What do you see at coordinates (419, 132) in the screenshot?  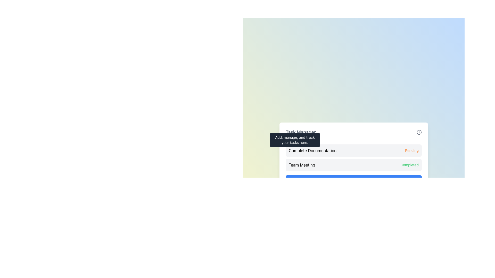 I see `the information icon located in the top-right corner of the 'Task Manager' panel` at bounding box center [419, 132].